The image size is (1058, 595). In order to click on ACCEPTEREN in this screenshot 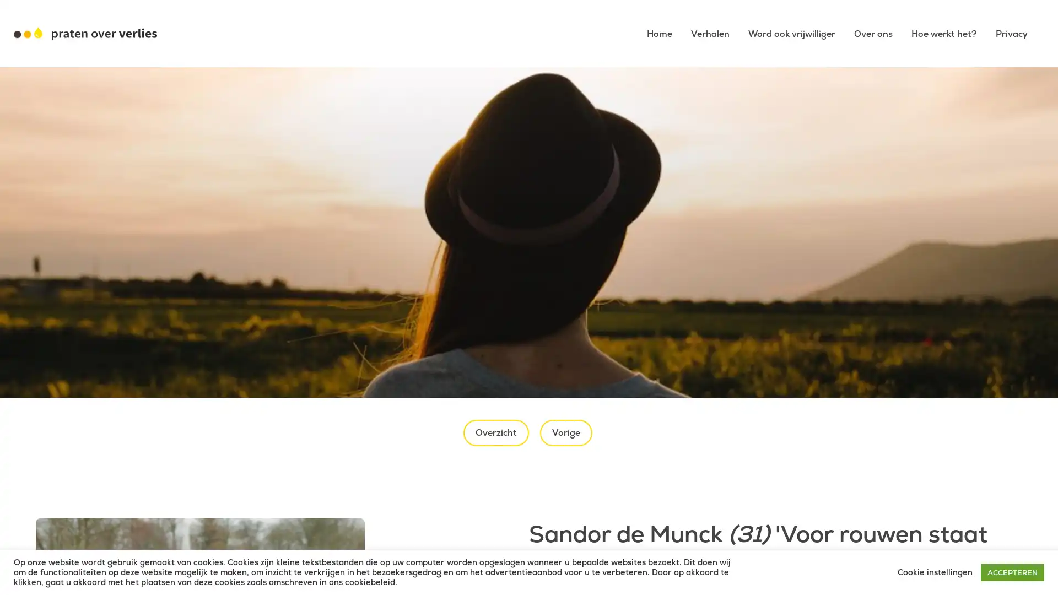, I will do `click(1012, 571)`.